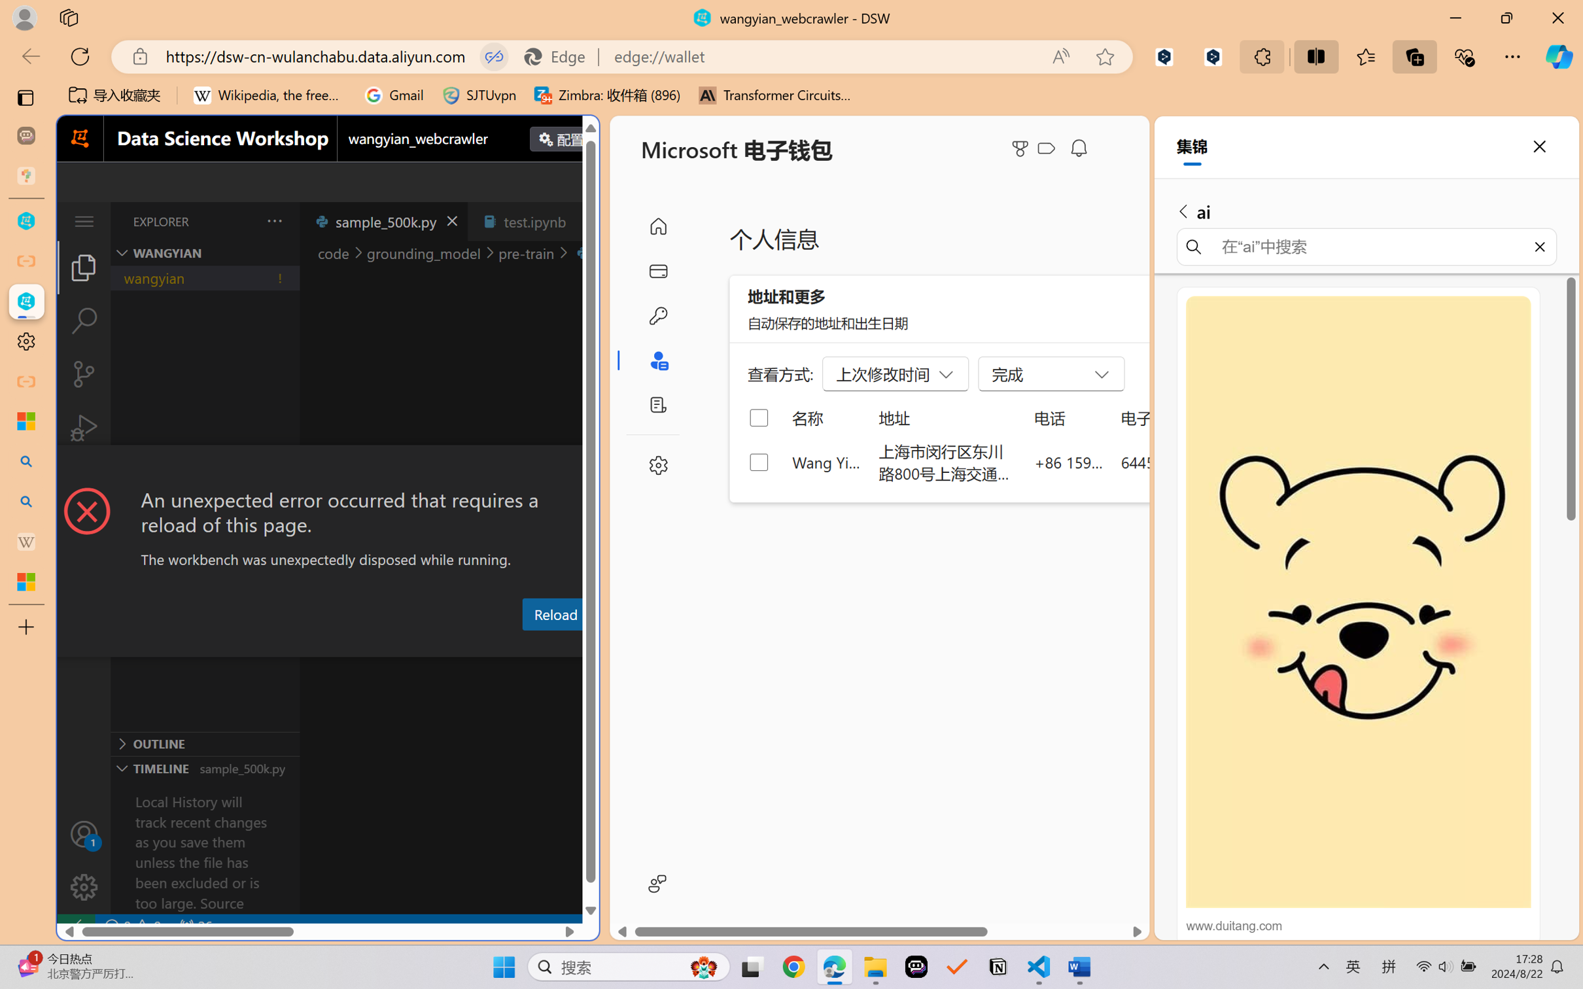  What do you see at coordinates (826, 461) in the screenshot?
I see `'Wang Yian'` at bounding box center [826, 461].